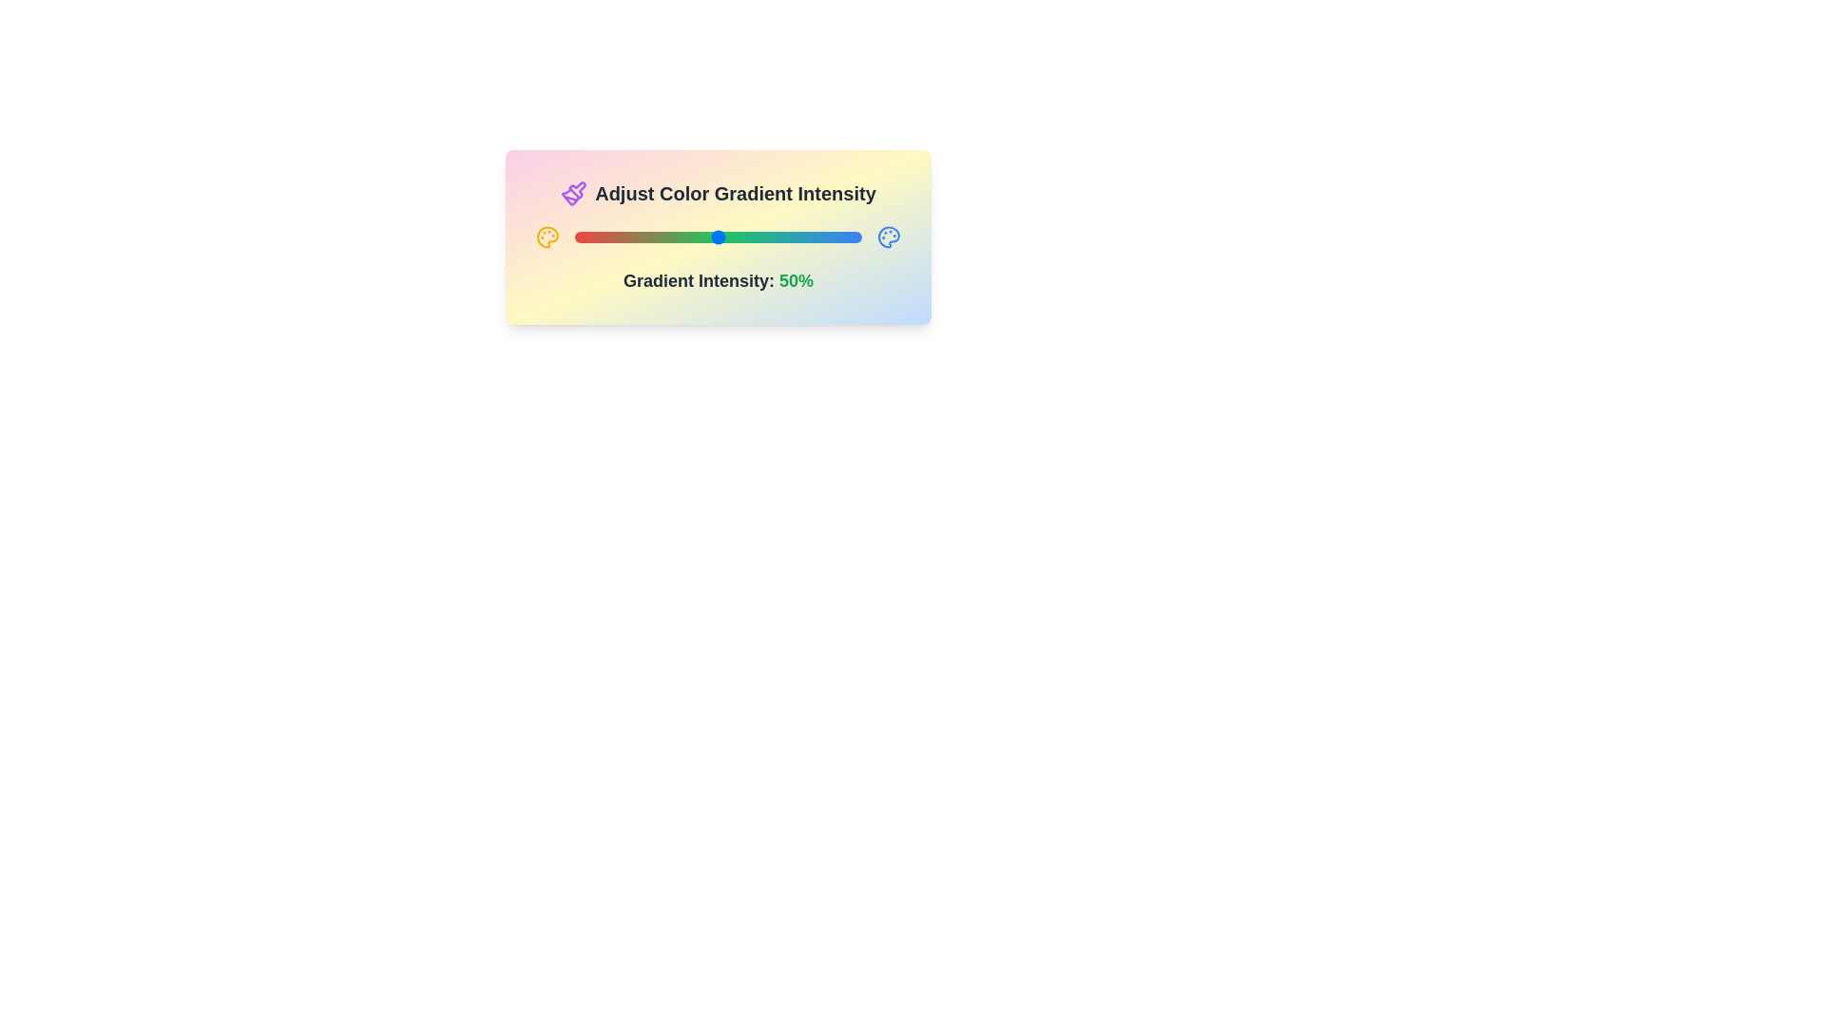 The width and height of the screenshot is (1825, 1026). Describe the element at coordinates (888, 237) in the screenshot. I see `the right_palette icon to trigger its interaction` at that location.